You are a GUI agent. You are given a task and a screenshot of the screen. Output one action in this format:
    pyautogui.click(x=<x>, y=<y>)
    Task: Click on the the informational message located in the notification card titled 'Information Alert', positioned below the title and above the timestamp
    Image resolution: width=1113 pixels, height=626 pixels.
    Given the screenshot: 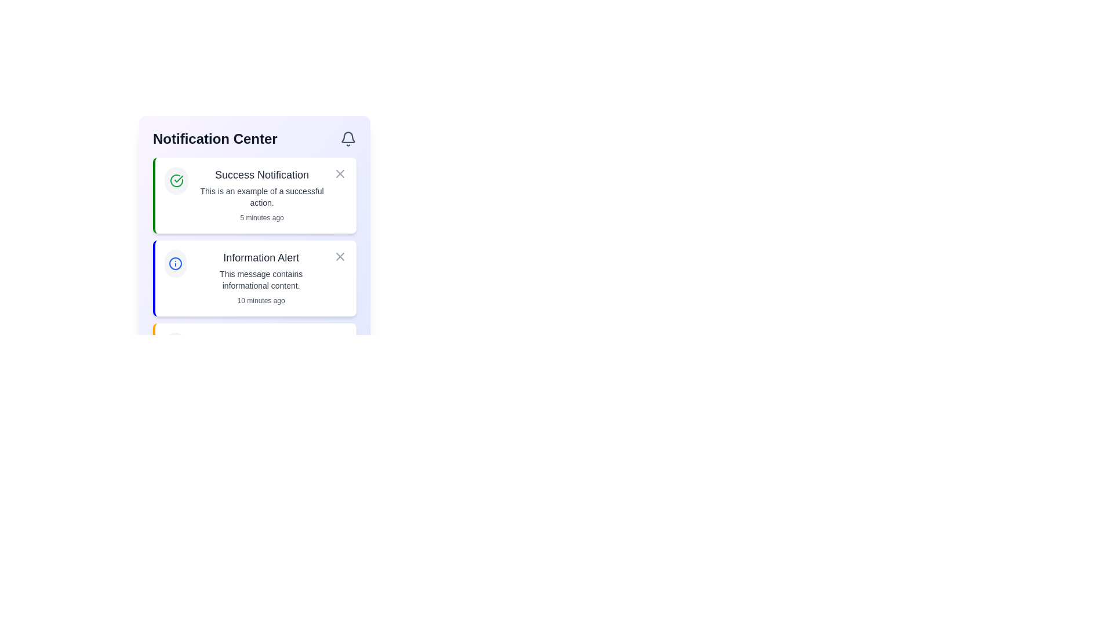 What is the action you would take?
    pyautogui.click(x=260, y=279)
    